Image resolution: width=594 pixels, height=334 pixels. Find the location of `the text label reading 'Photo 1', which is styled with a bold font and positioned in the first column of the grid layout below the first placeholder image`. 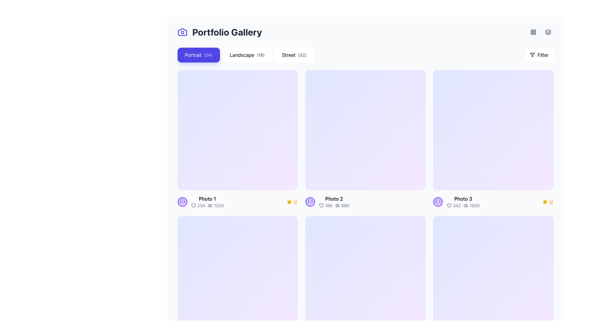

the text label reading 'Photo 1', which is styled with a bold font and positioned in the first column of the grid layout below the first placeholder image is located at coordinates (207, 199).